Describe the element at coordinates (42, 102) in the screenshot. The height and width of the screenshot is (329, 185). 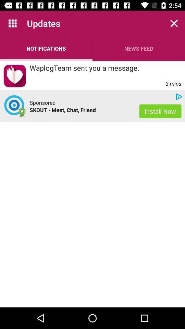
I see `the icon below the waplogteam sent you item` at that location.